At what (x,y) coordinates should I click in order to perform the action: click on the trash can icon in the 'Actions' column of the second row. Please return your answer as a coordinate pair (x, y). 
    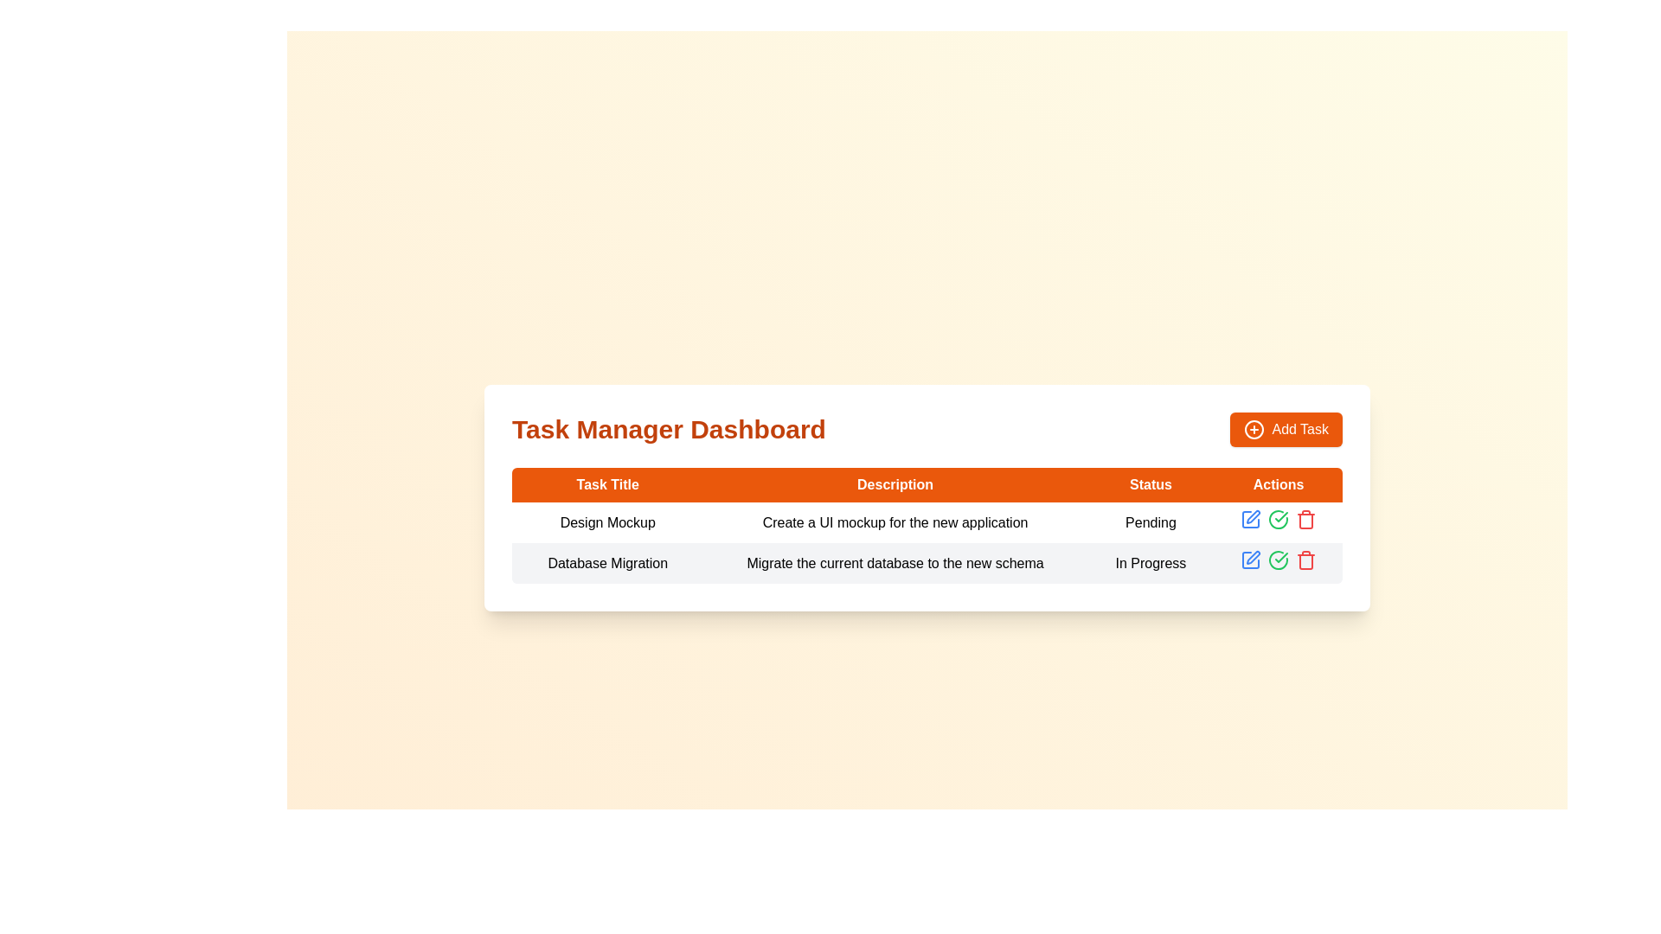
    Looking at the image, I should click on (1306, 520).